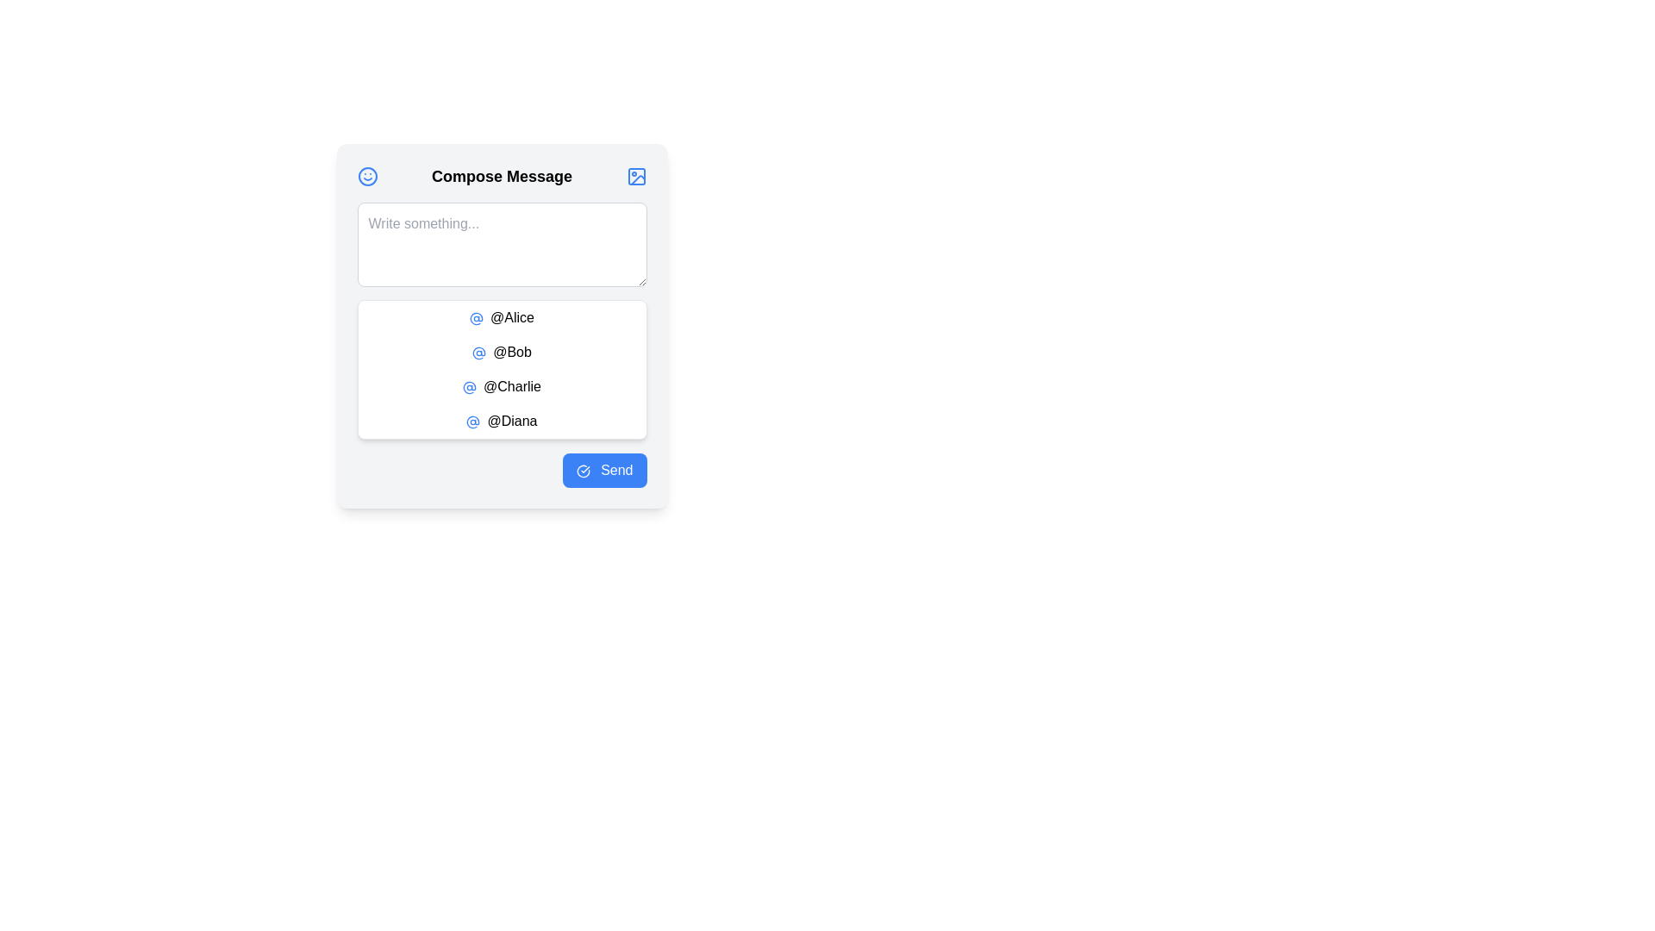  Describe the element at coordinates (470, 386) in the screenshot. I see `the small circular blue '@' icon located to the left of the text '@Charlie' in the user mention picker interface` at that location.